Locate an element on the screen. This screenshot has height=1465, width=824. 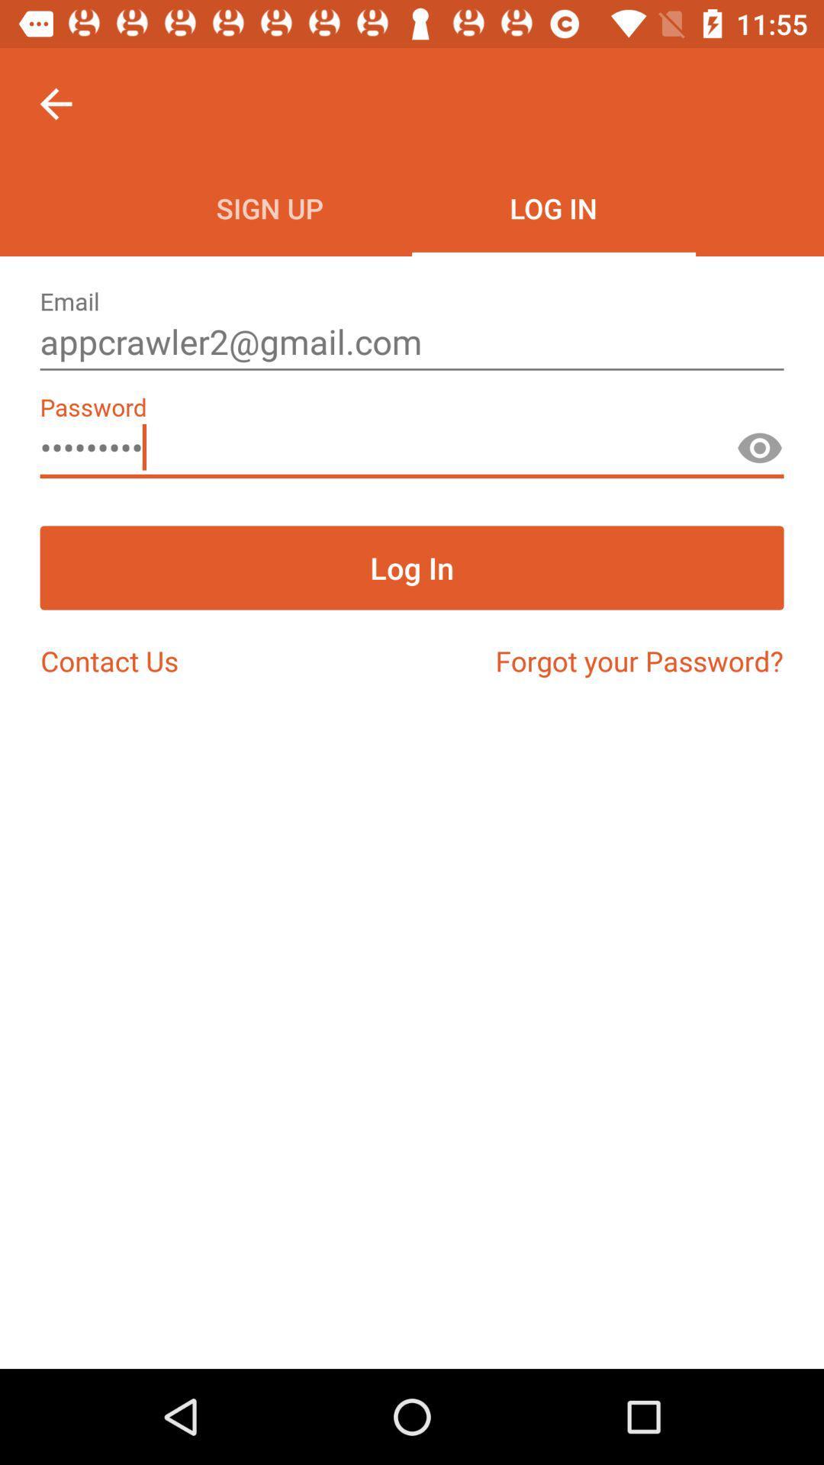
see password button is located at coordinates (759, 454).